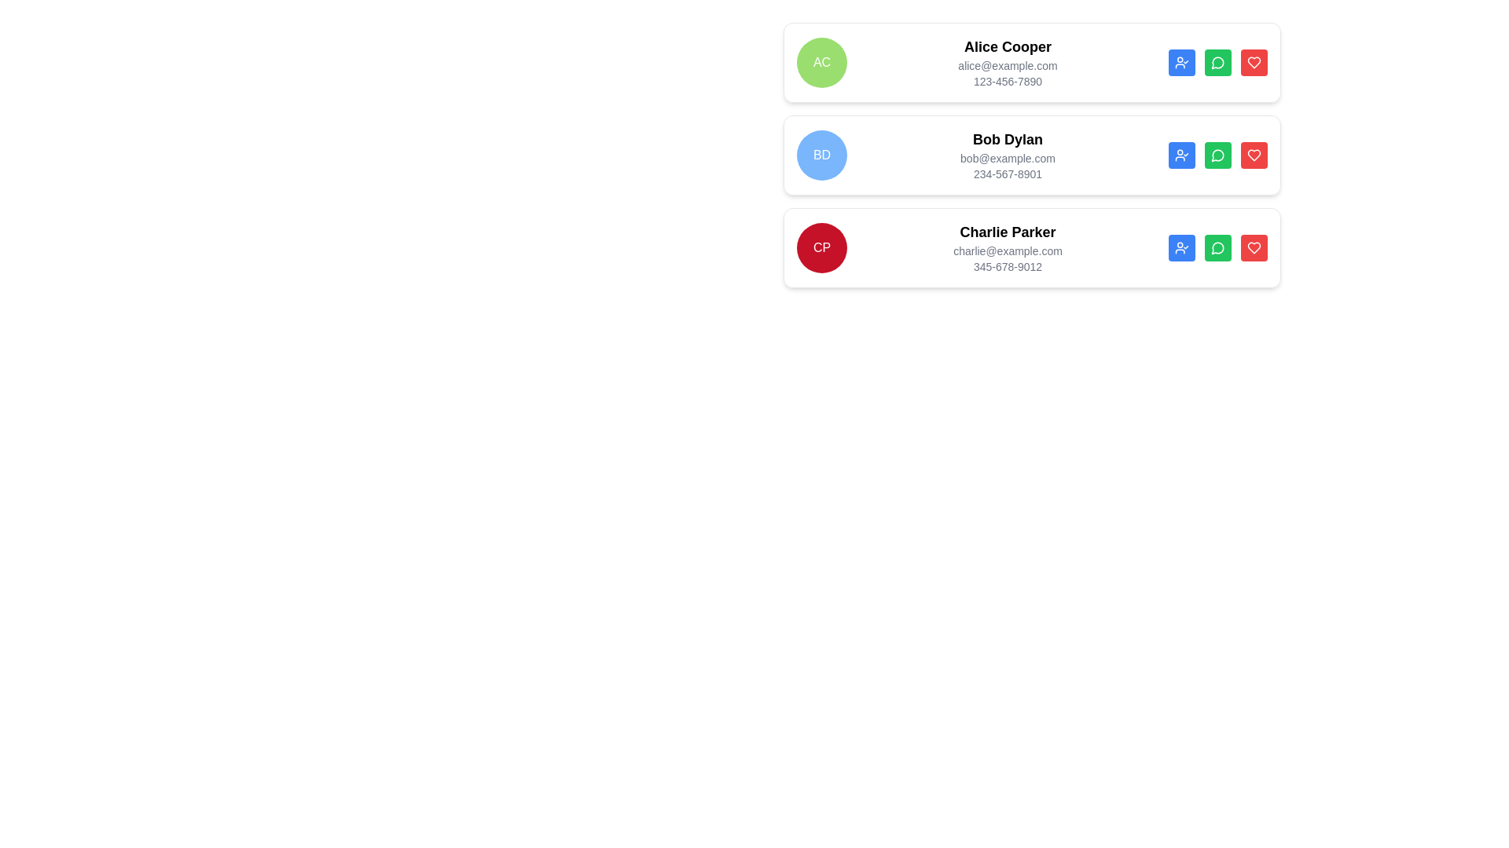  Describe the element at coordinates (1254, 62) in the screenshot. I see `the like or favorite button located at the far right of the row for the contact 'Bob Dylan'` at that location.